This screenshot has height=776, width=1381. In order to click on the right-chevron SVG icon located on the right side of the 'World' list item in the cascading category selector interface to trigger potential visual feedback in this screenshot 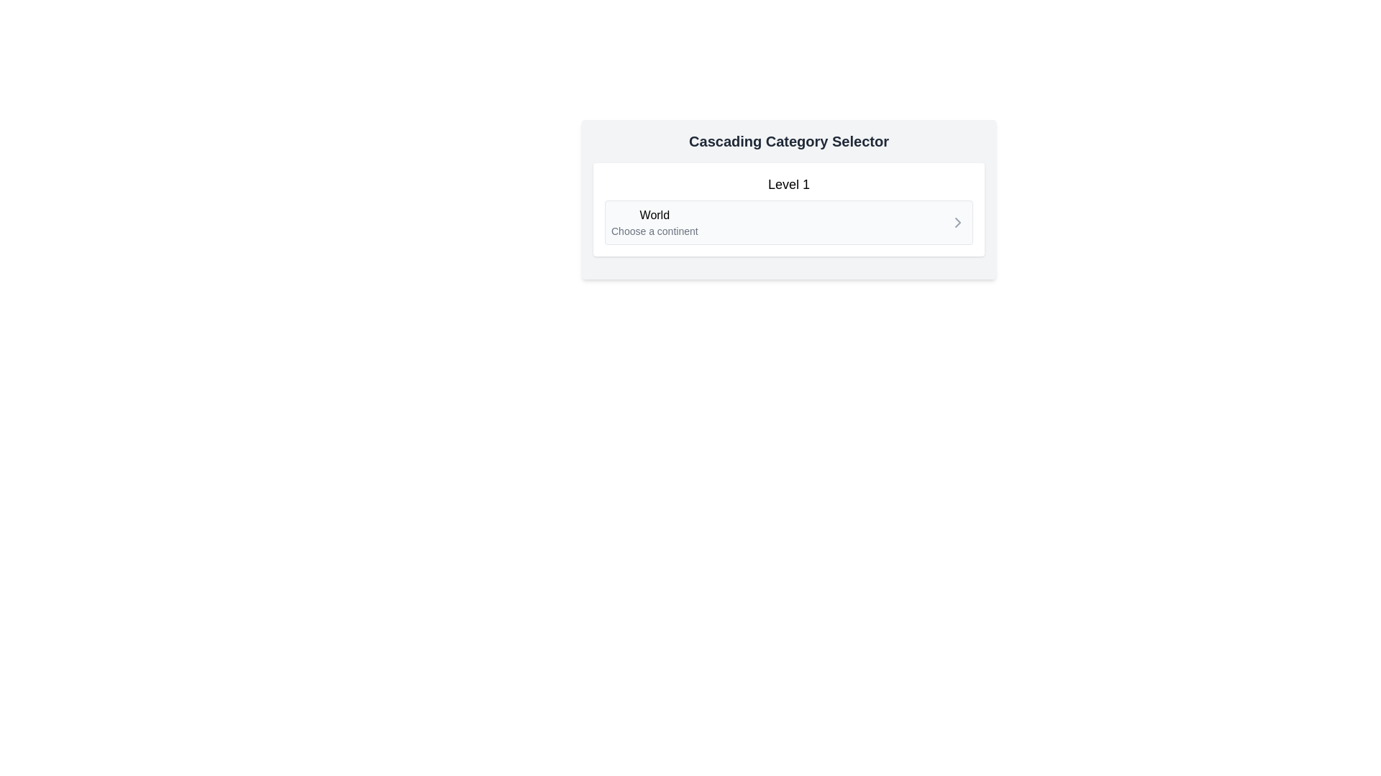, I will do `click(957, 222)`.